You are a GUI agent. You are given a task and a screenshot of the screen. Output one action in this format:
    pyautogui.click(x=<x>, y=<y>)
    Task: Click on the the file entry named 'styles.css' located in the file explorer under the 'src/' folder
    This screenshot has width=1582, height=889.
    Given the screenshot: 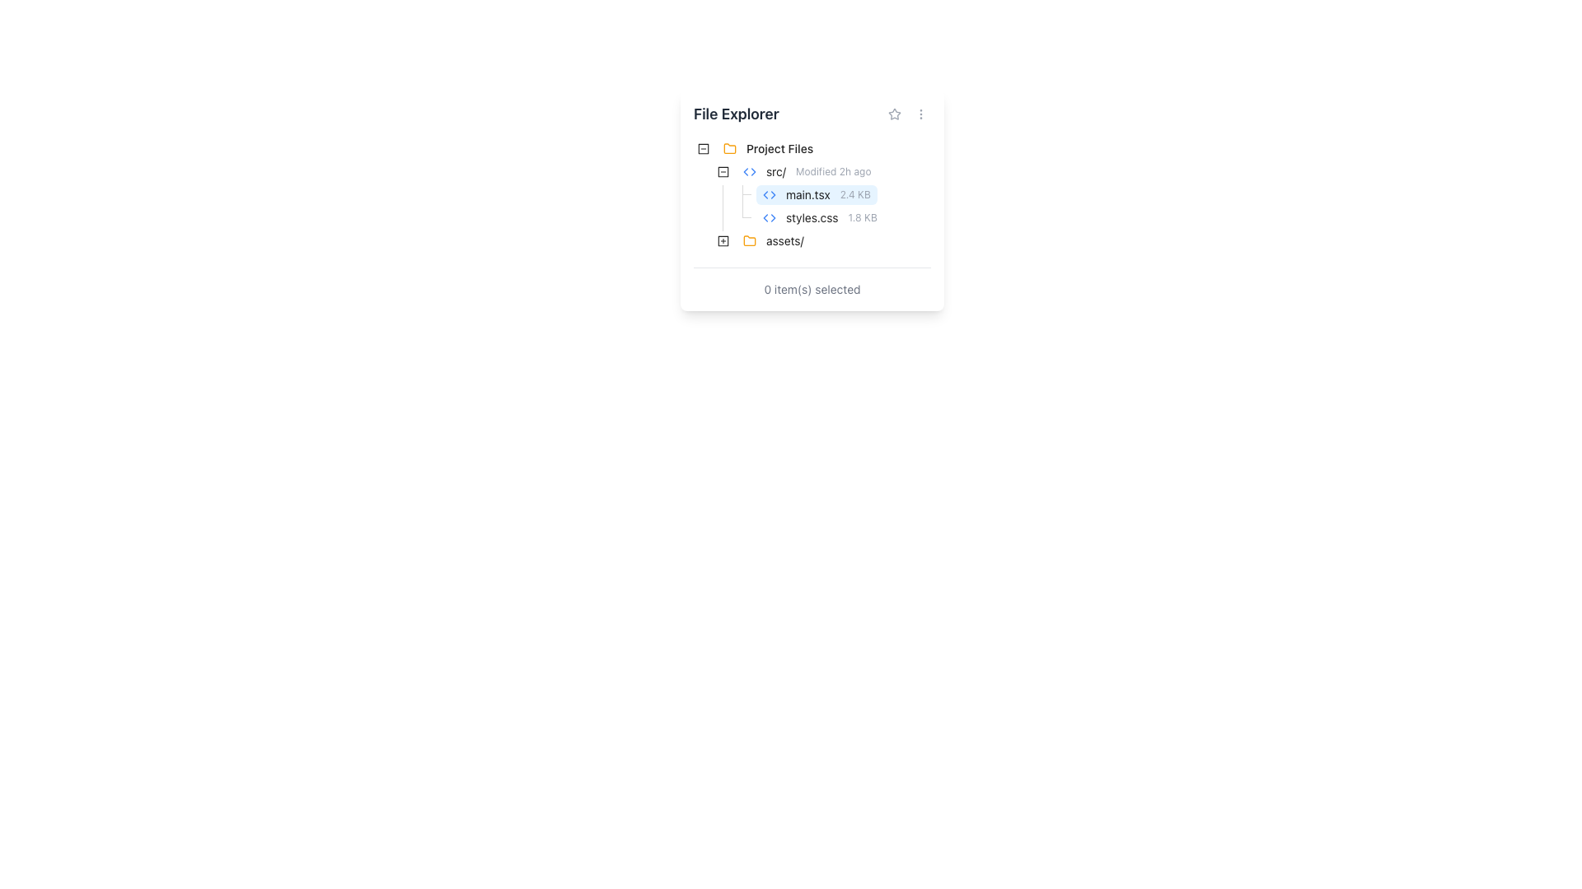 What is the action you would take?
    pyautogui.click(x=820, y=217)
    